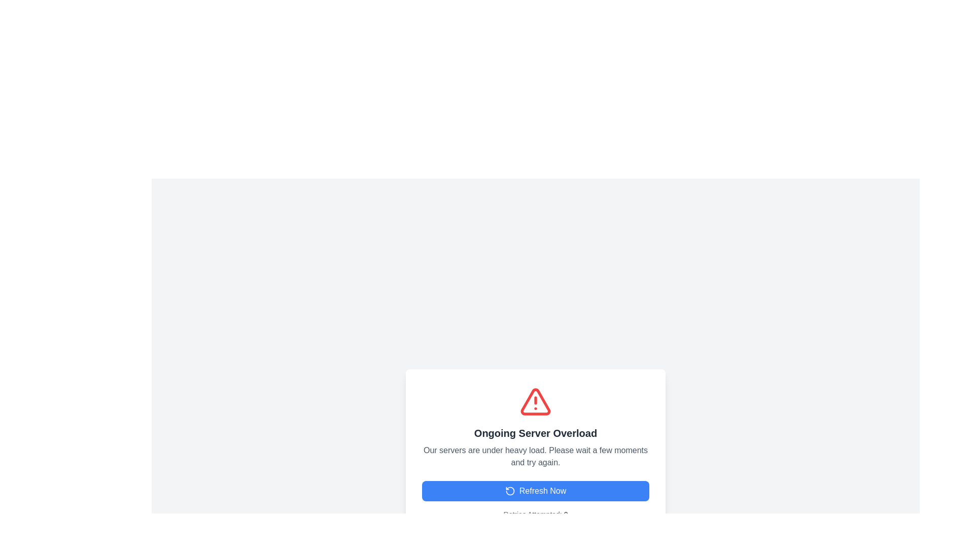 The image size is (974, 548). Describe the element at coordinates (535, 401) in the screenshot. I see `the static warning icon located above the 'Ongoing Server Overload' text` at that location.